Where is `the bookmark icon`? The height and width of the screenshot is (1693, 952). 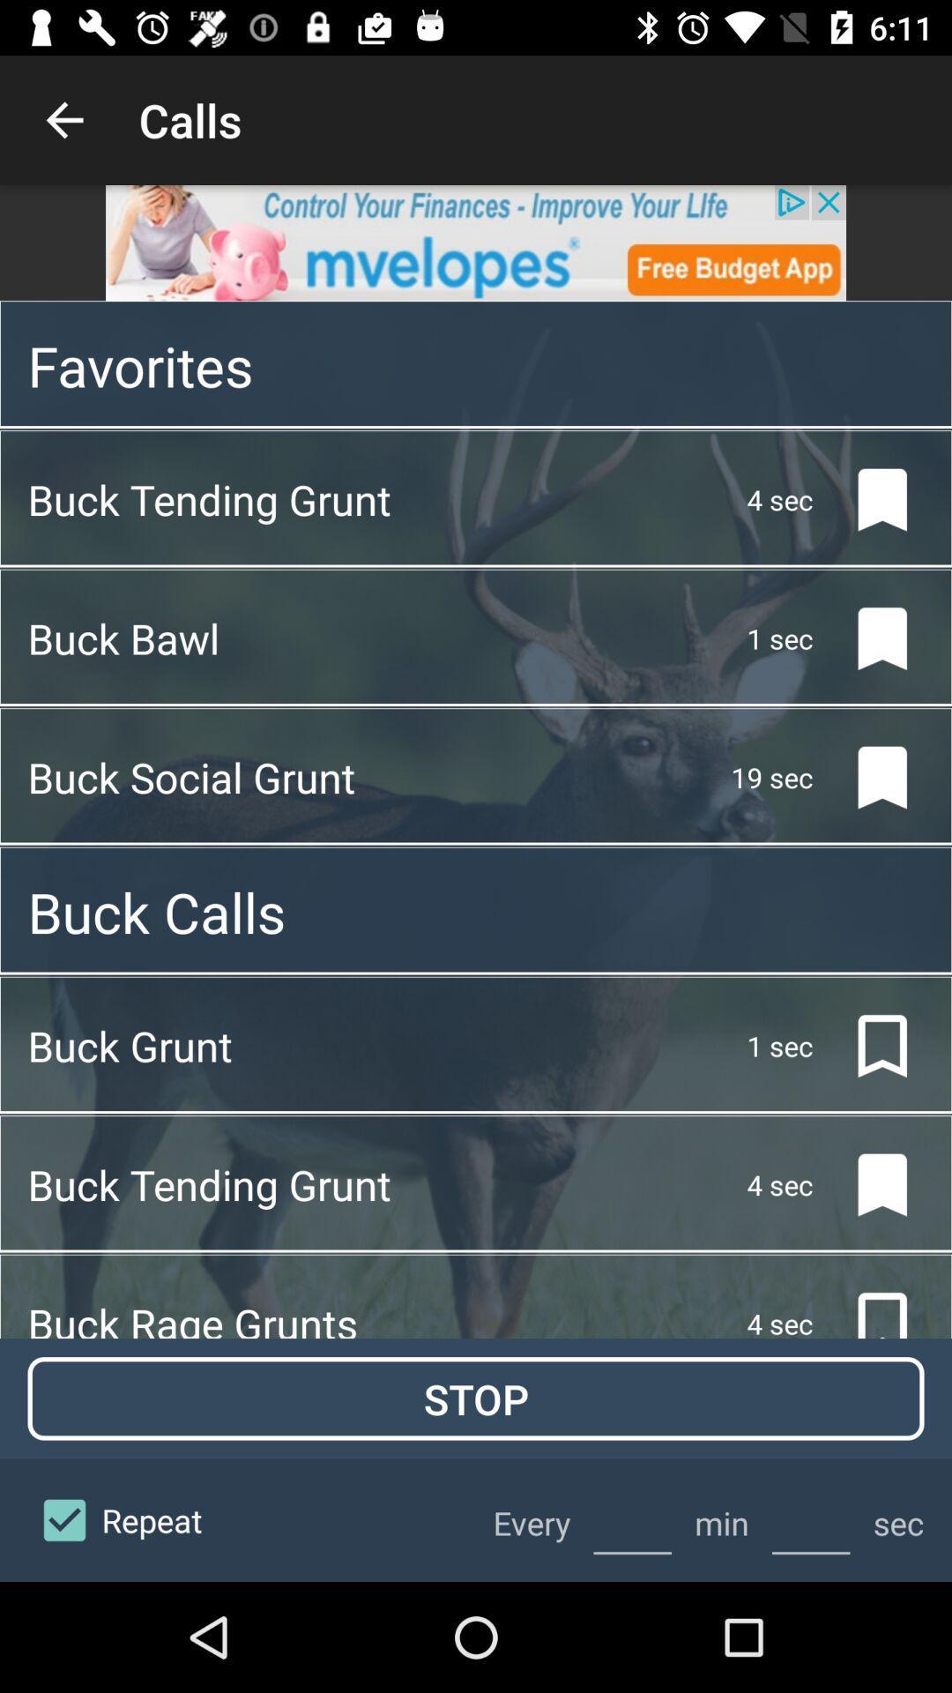
the bookmark icon is located at coordinates (867, 638).